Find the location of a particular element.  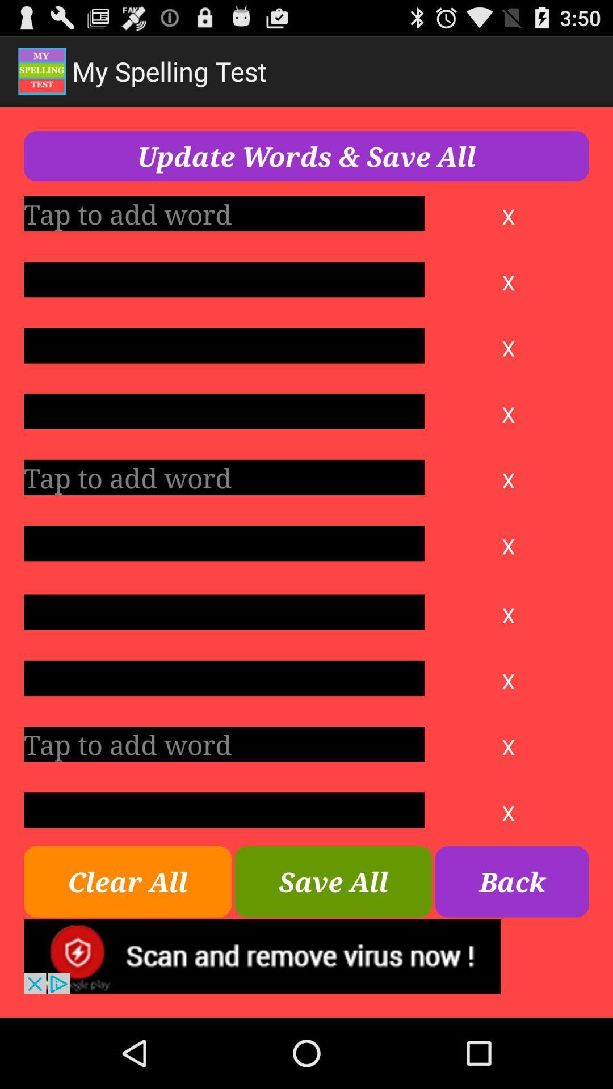

blank text area is located at coordinates (224, 411).